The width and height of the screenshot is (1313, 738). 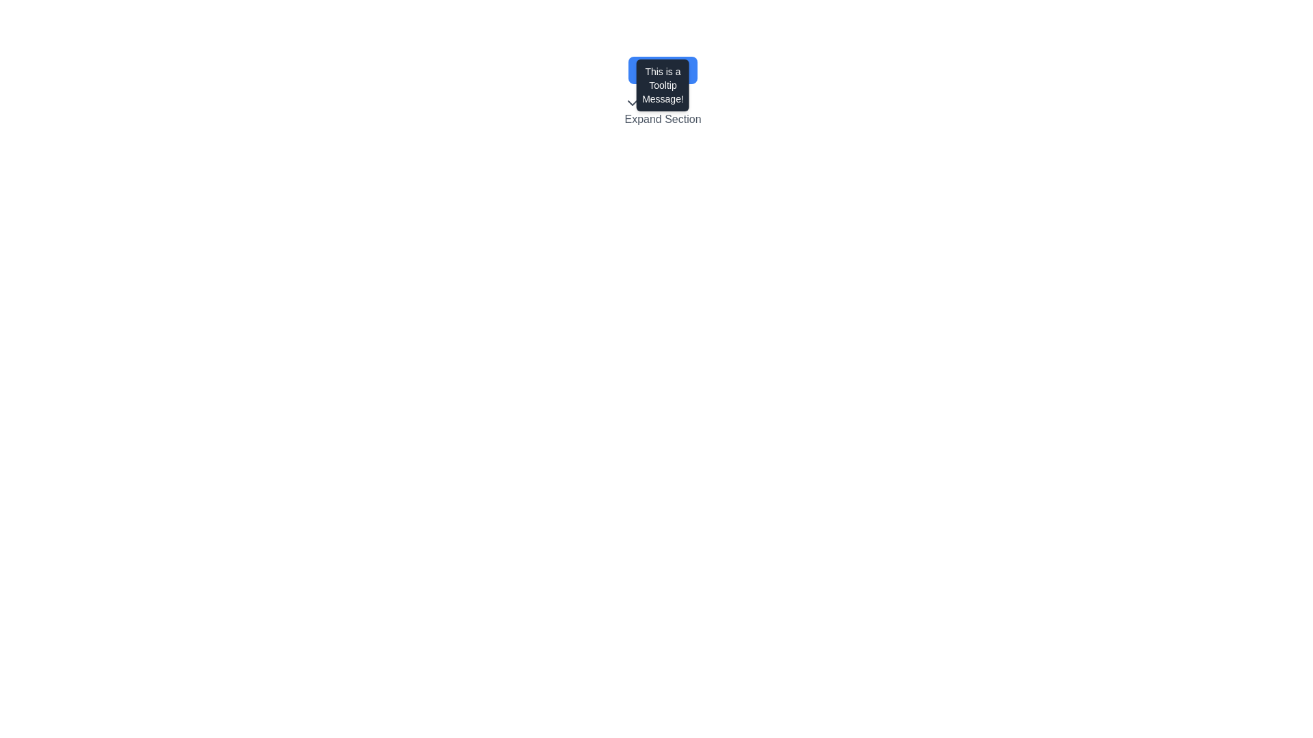 I want to click on the downward-facing chevron icon located to the left of the text 'Expand Section', so click(x=632, y=102).